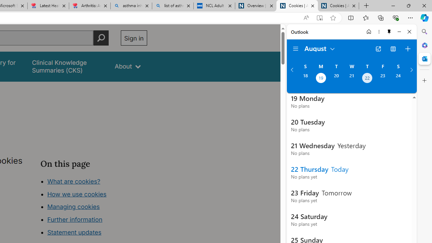 The height and width of the screenshot is (243, 432). Describe the element at coordinates (296, 49) in the screenshot. I see `'Folder navigation'` at that location.